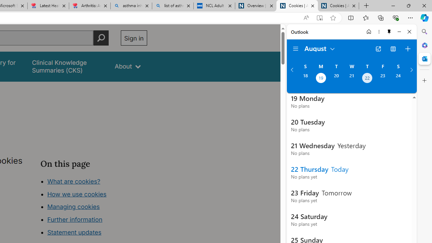 The height and width of the screenshot is (243, 432). Describe the element at coordinates (296, 49) in the screenshot. I see `'Folder navigation'` at that location.